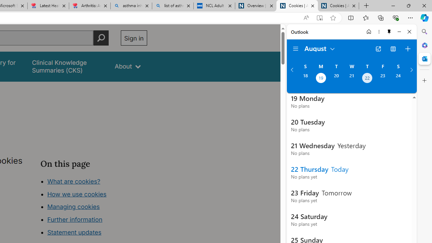 The height and width of the screenshot is (243, 432). Describe the element at coordinates (296, 49) in the screenshot. I see `'Folder navigation'` at that location.